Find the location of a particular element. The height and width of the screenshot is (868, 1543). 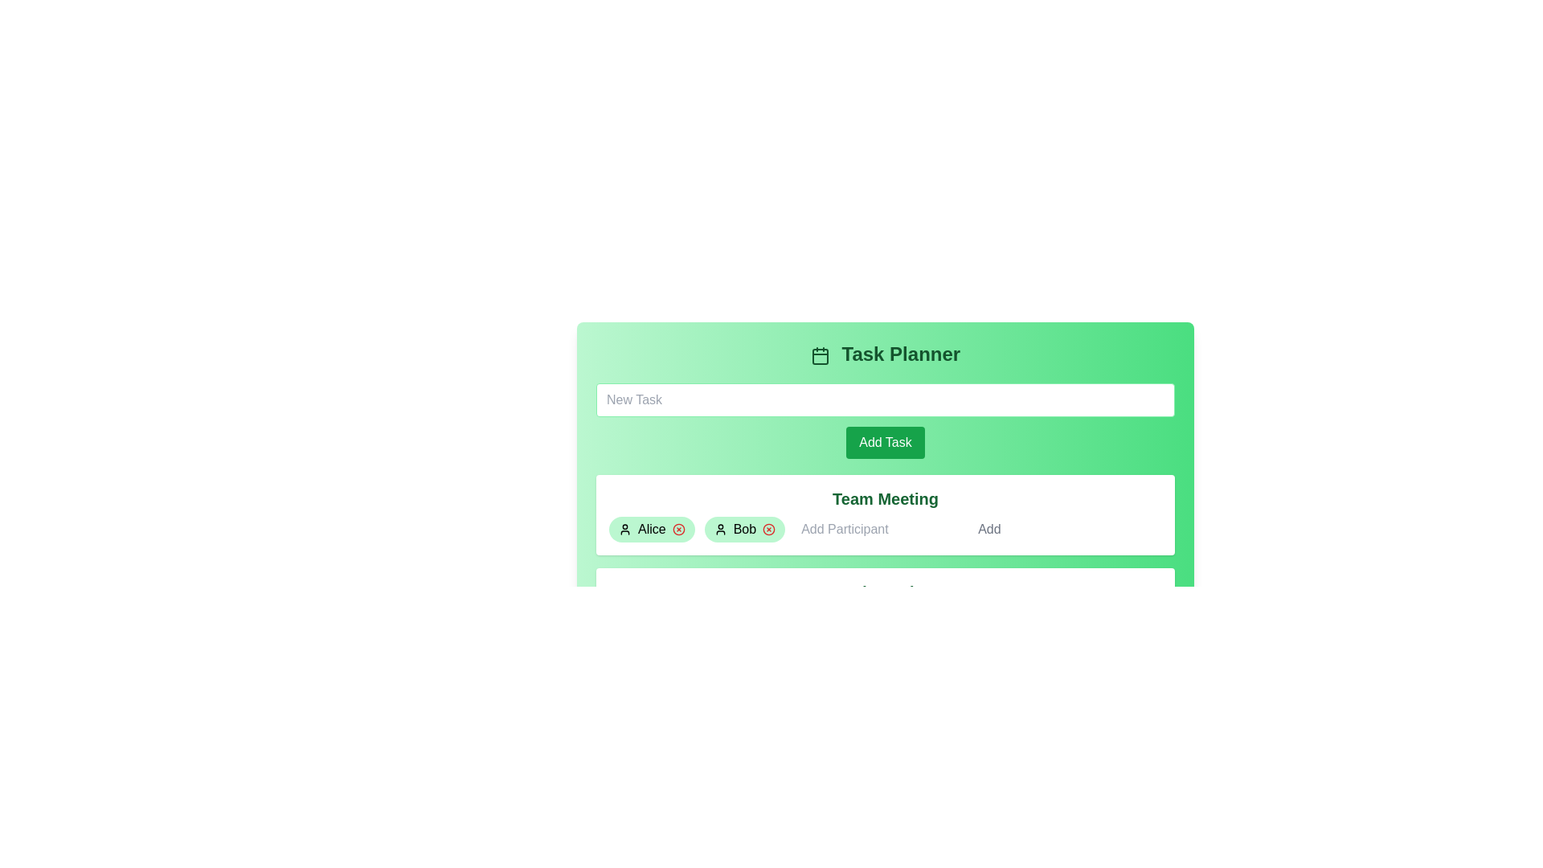

the Participant item card for 'Alice' located in the 'Team Meeting' section is located at coordinates (652, 530).